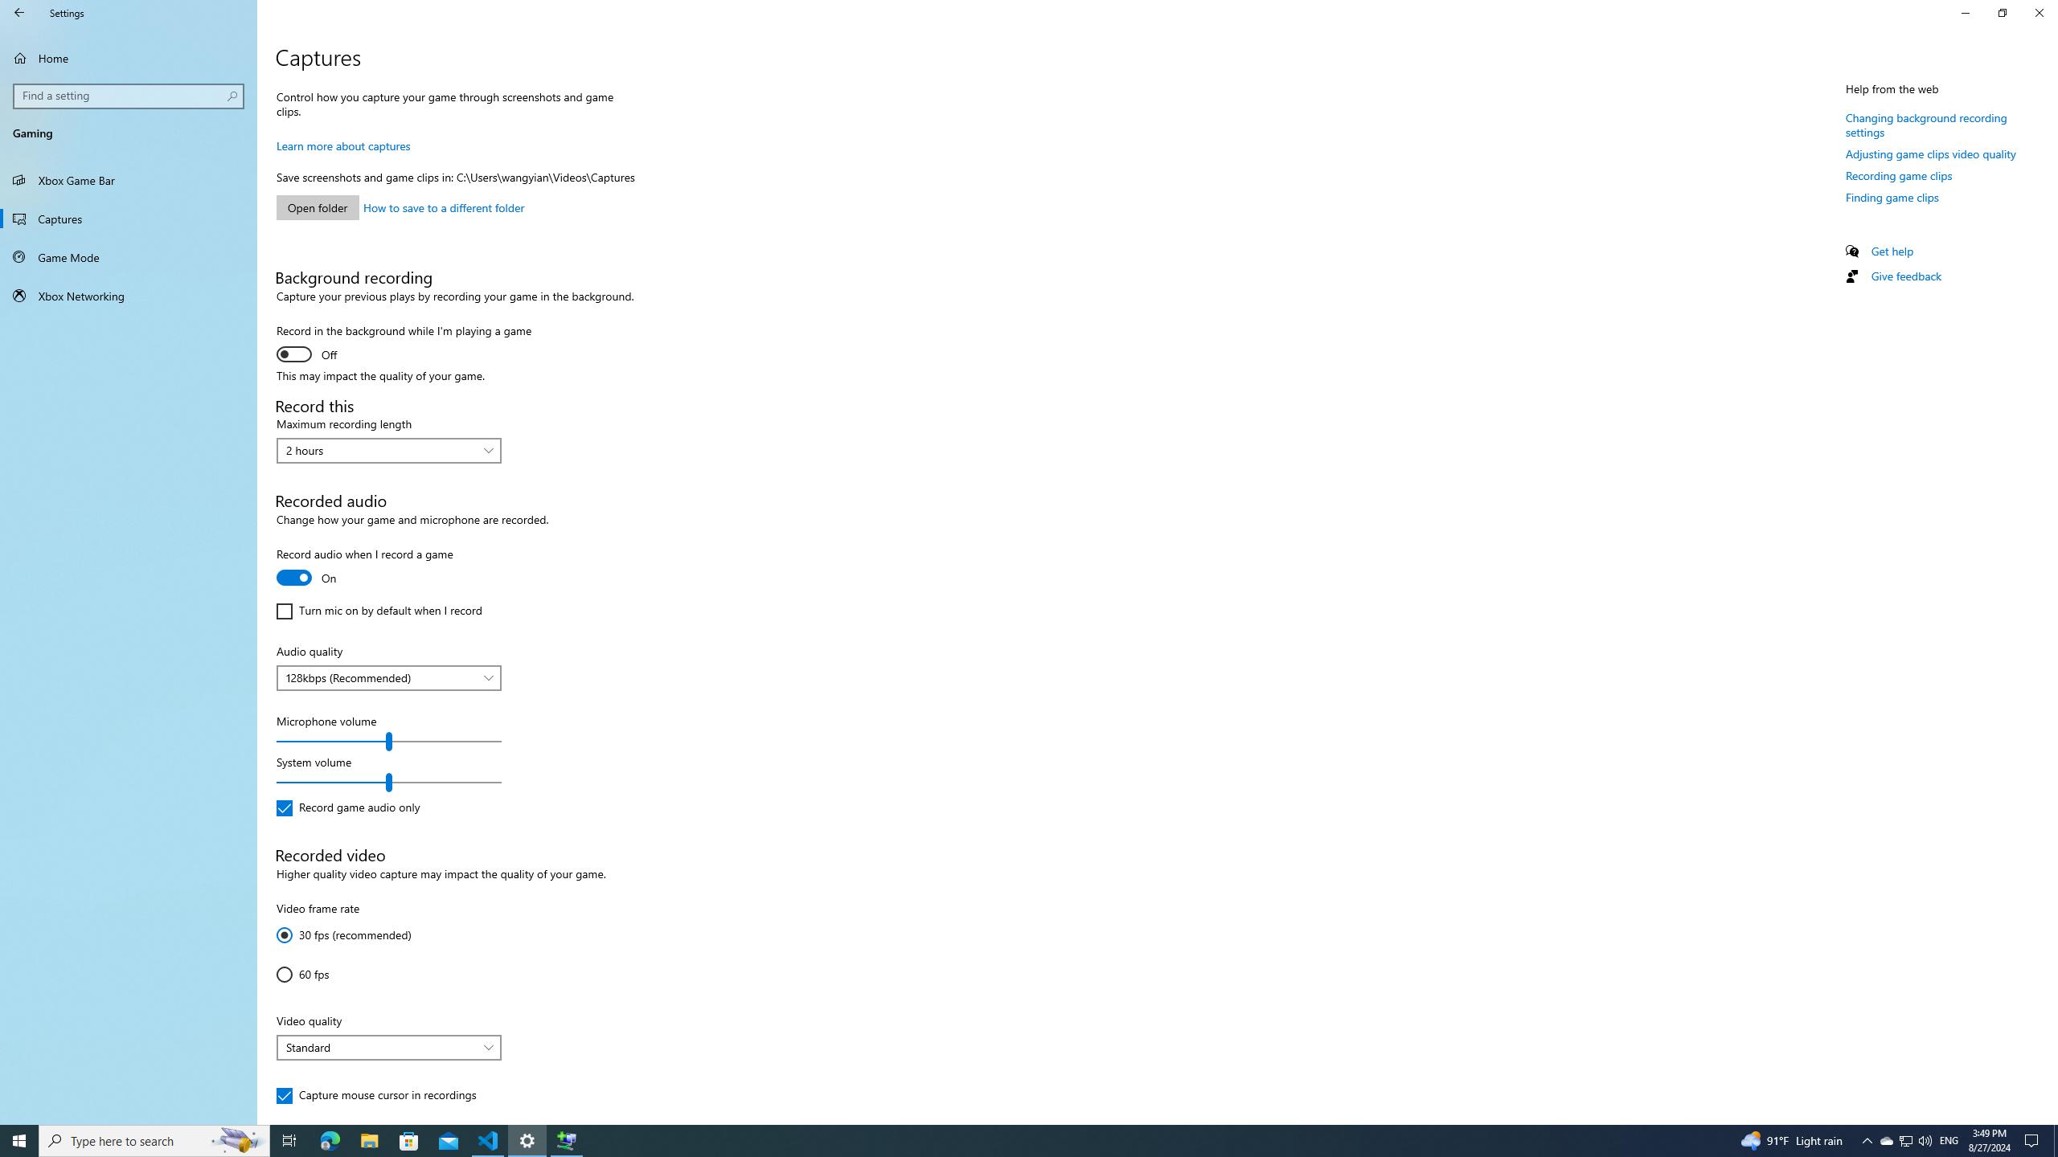 This screenshot has height=1157, width=2058. What do you see at coordinates (1930, 153) in the screenshot?
I see `'Adjusting game clips video quality'` at bounding box center [1930, 153].